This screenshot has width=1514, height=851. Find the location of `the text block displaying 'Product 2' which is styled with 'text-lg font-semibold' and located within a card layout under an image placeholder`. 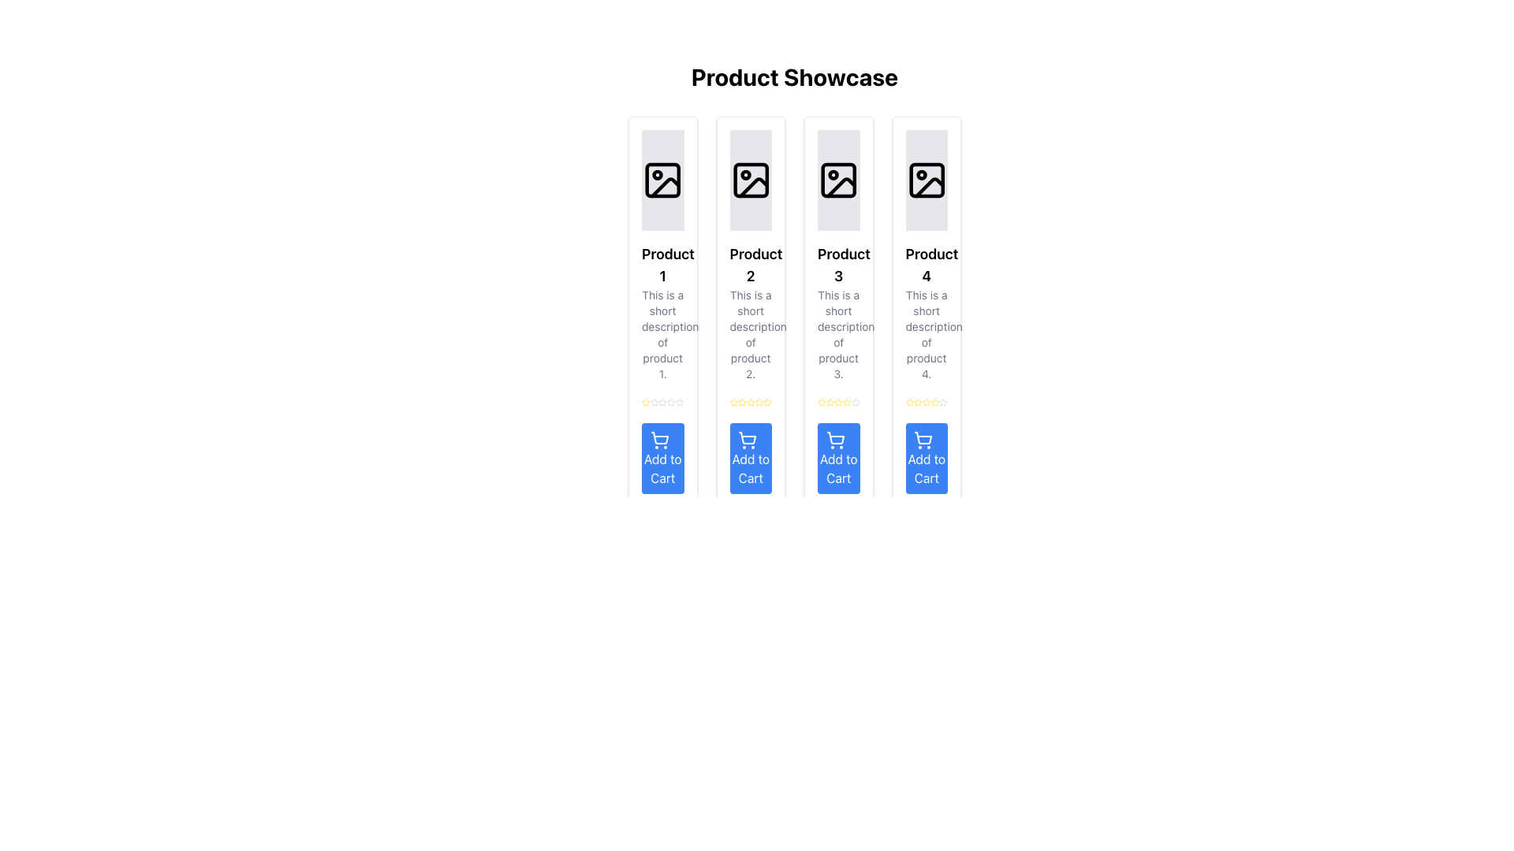

the text block displaying 'Product 2' which is styled with 'text-lg font-semibold' and located within a card layout under an image placeholder is located at coordinates (750, 264).